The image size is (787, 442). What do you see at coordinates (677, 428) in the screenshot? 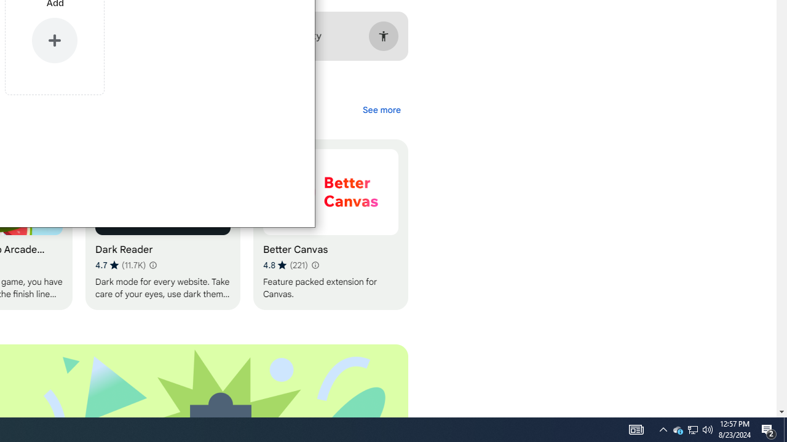
I see `'User Promoted Notification Area'` at bounding box center [677, 428].